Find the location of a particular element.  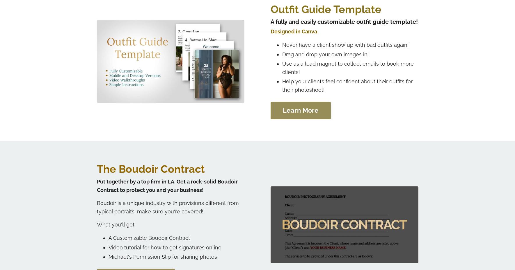

'Designed in Canva' is located at coordinates (293, 31).